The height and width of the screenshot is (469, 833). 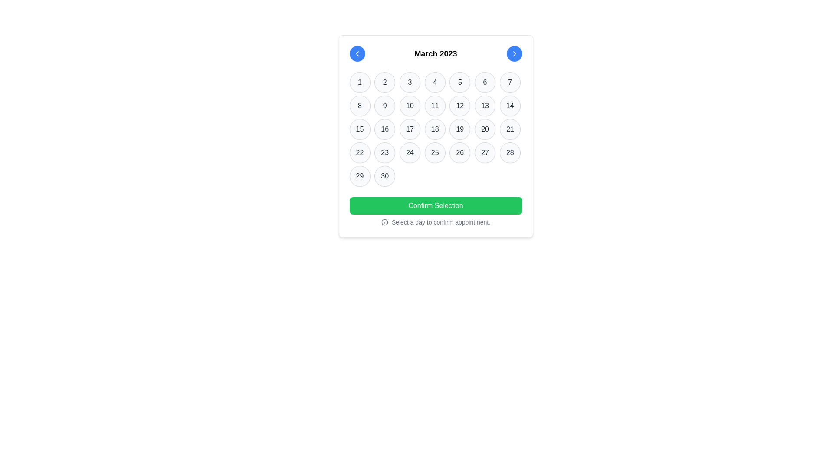 What do you see at coordinates (360, 152) in the screenshot?
I see `the circular button labeled '22' with a light gray background and bold dark text` at bounding box center [360, 152].